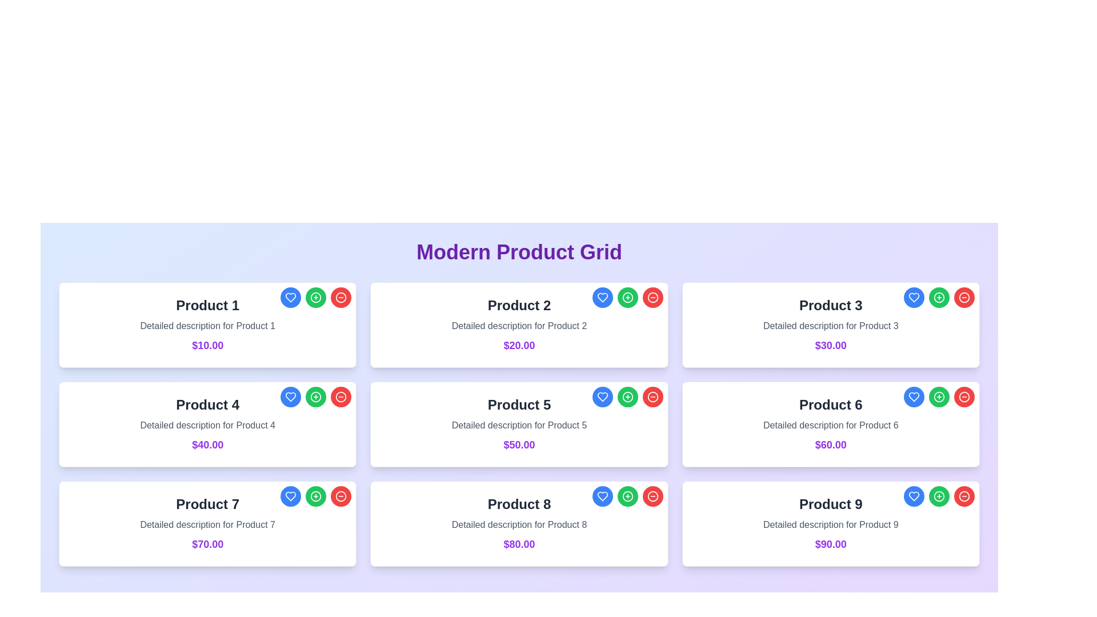  What do you see at coordinates (627, 396) in the screenshot?
I see `the middle button with a green color and plus icon located in the top-right corner above the 'Product 5' card` at bounding box center [627, 396].